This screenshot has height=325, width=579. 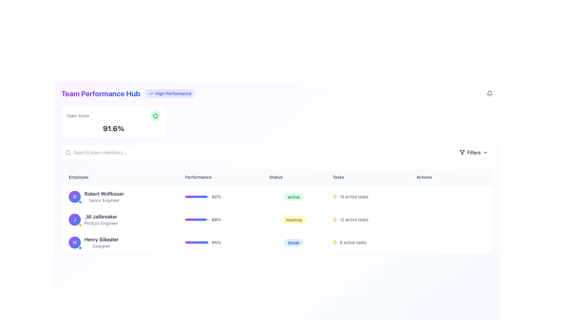 I want to click on properties of the small yellow circular Badge indicator located at the bottom-right edge of the purple-to-blue gradient profile icon representing 'Jill Jailbreaker', so click(x=80, y=225).